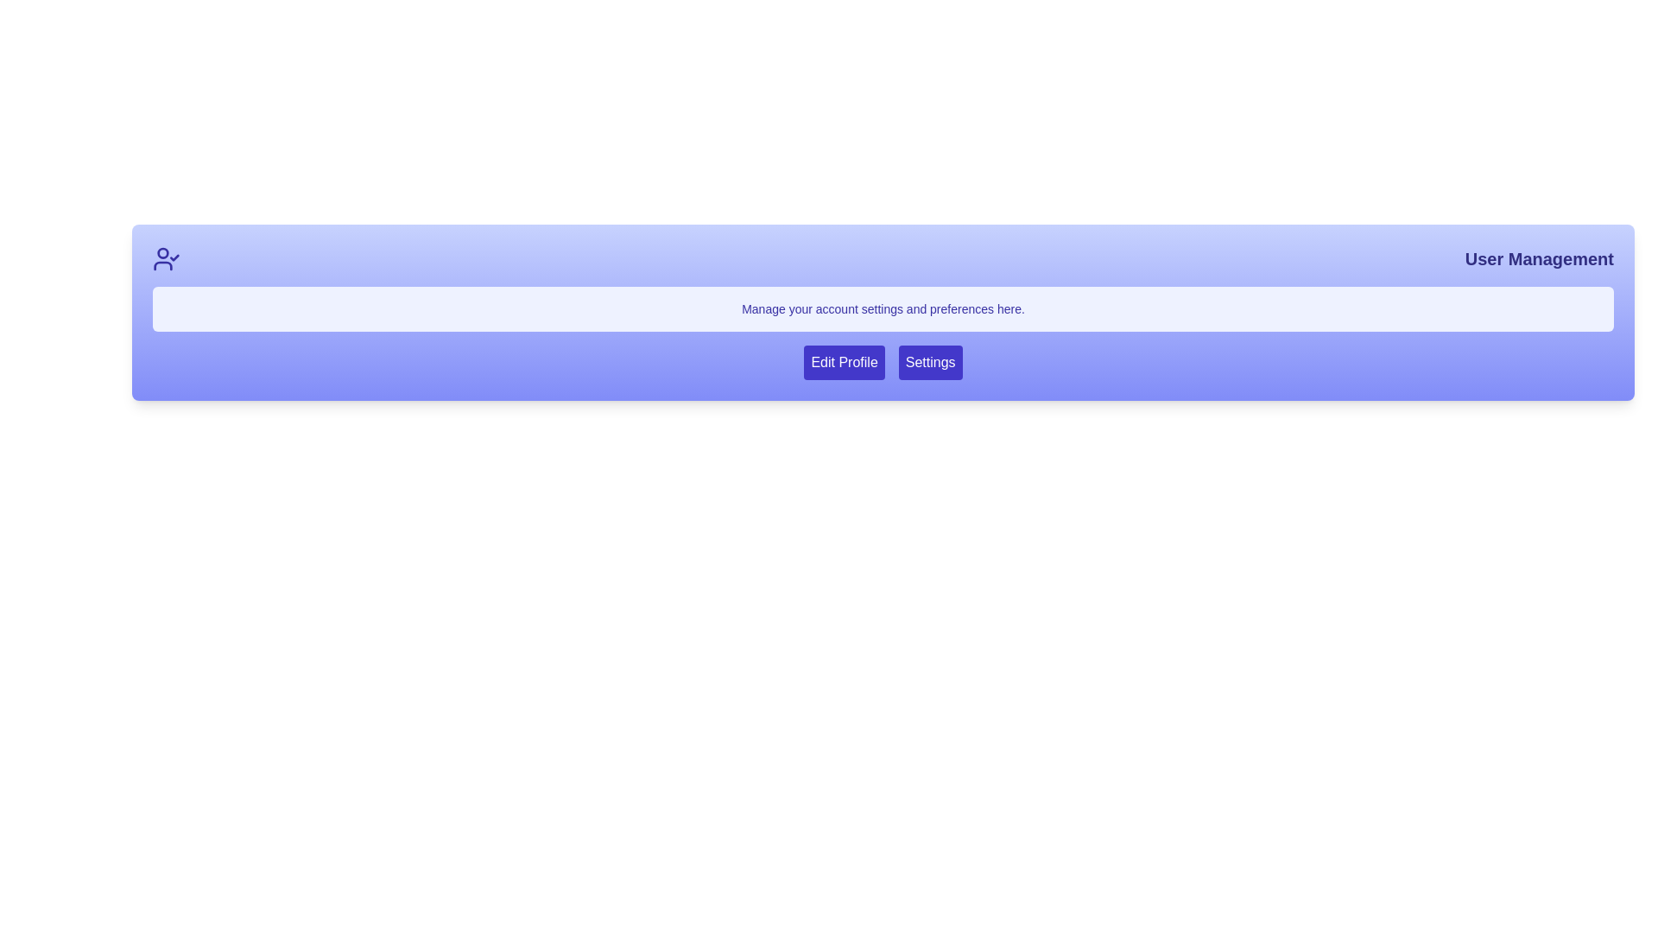 This screenshot has width=1658, height=933. Describe the element at coordinates (845, 362) in the screenshot. I see `the 'Edit Profile' button, which has a rounded shape and a dark indigo background` at that location.